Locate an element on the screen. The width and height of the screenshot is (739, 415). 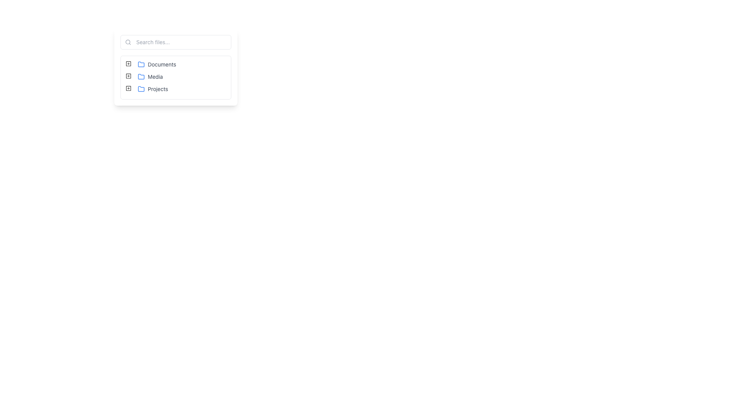
the square icon with a plus sign located to the left of the 'Media' folder label is located at coordinates (129, 76).